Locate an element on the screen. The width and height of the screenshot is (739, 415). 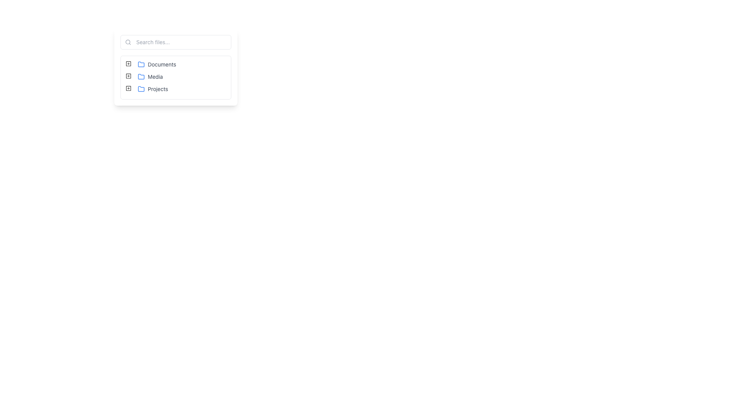
the square icon with a plus sign located to the left of the 'Media' folder label is located at coordinates (129, 76).